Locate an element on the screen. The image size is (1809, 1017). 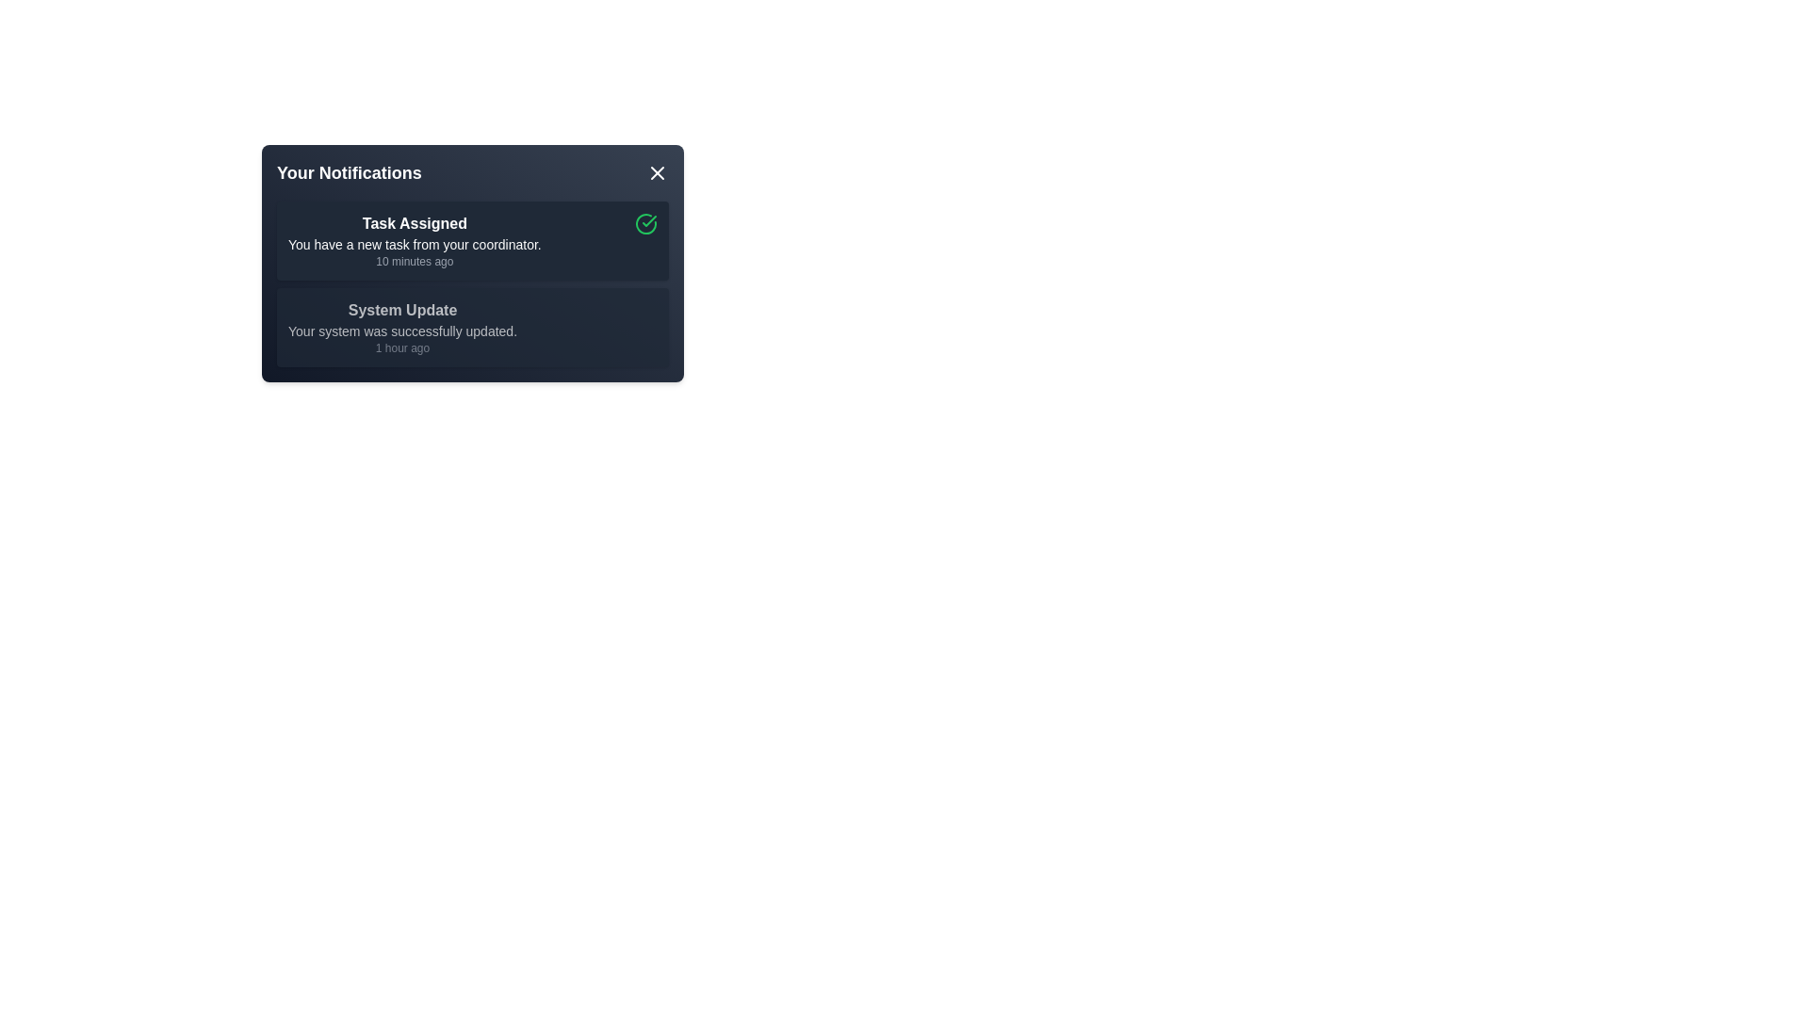
notification text that states 'Your system was successfully updated.' located in the notification card below the heading 'System Update.' is located at coordinates (401, 330).